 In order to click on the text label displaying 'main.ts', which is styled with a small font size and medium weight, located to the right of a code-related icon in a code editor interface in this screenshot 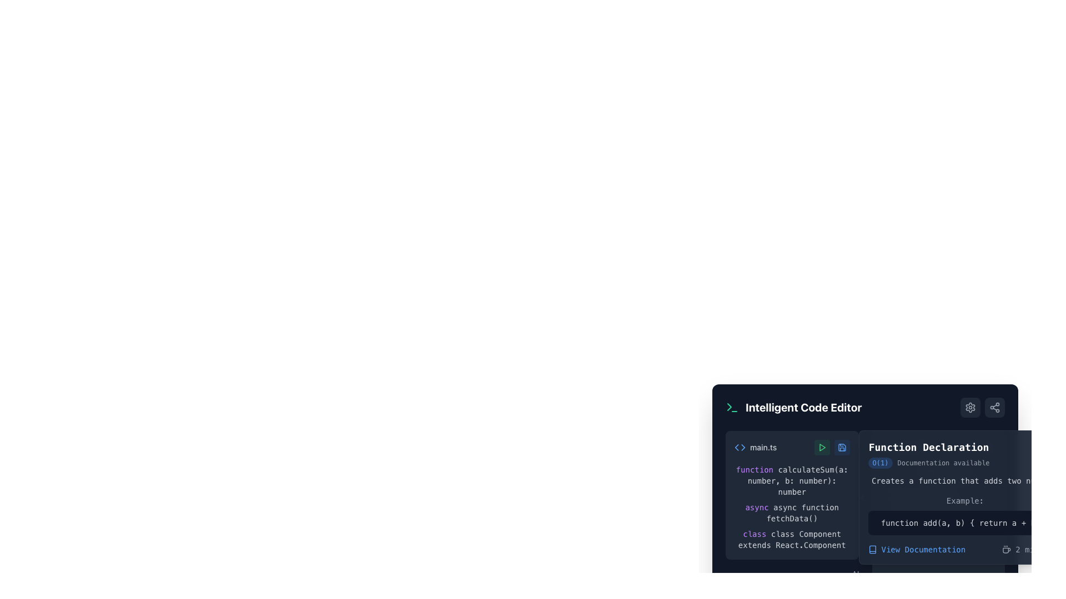, I will do `click(762, 446)`.